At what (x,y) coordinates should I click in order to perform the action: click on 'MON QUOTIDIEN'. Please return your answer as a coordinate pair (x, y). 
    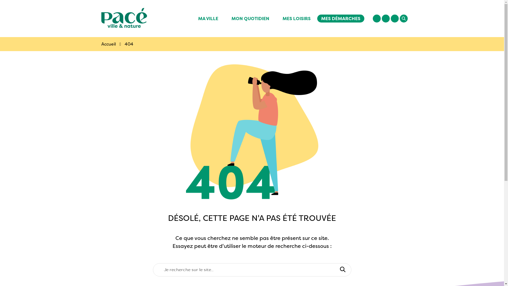
    Looking at the image, I should click on (225, 18).